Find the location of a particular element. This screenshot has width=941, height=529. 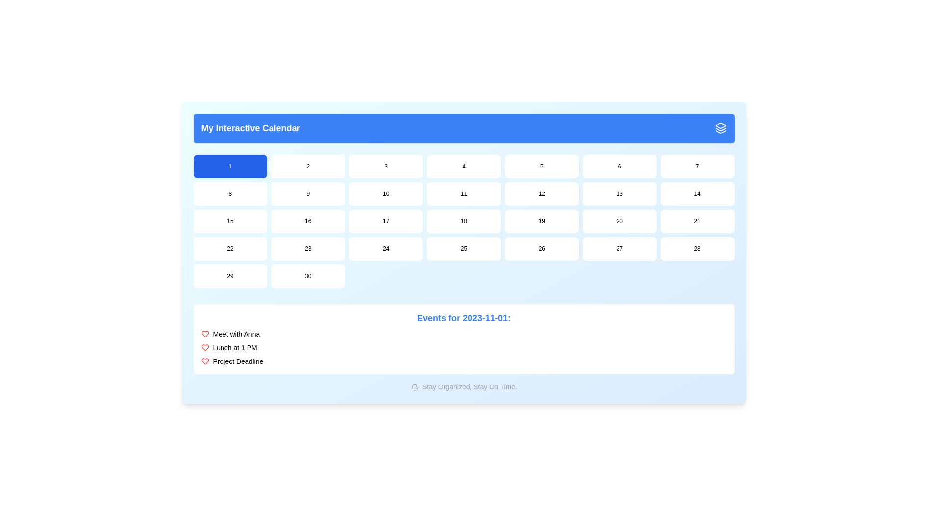

the outlined bell icon symbolizing notifications, which is located before the text 'Stay Organized, Stay On Time.' is located at coordinates (415, 387).